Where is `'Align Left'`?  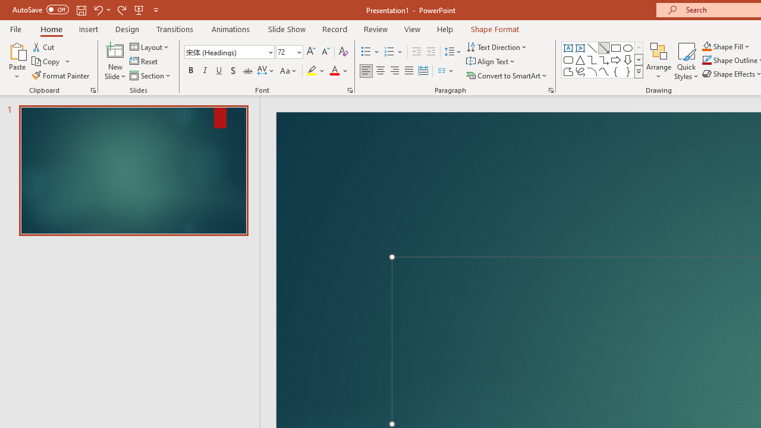
'Align Left' is located at coordinates (366, 71).